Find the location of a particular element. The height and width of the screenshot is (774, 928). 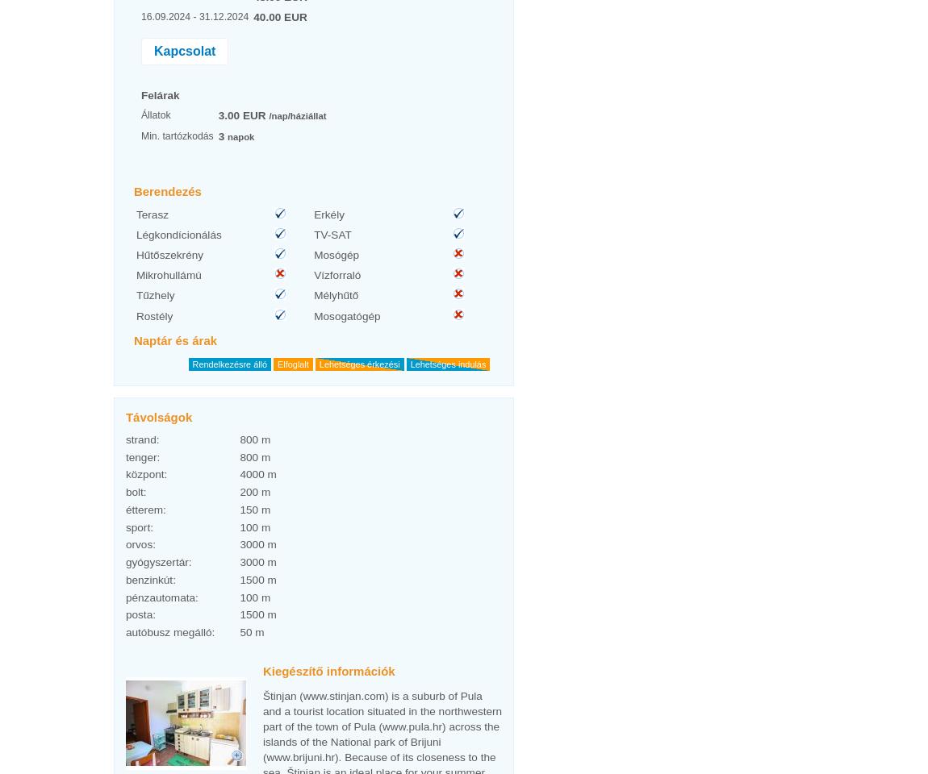

'31' is located at coordinates (425, 10).